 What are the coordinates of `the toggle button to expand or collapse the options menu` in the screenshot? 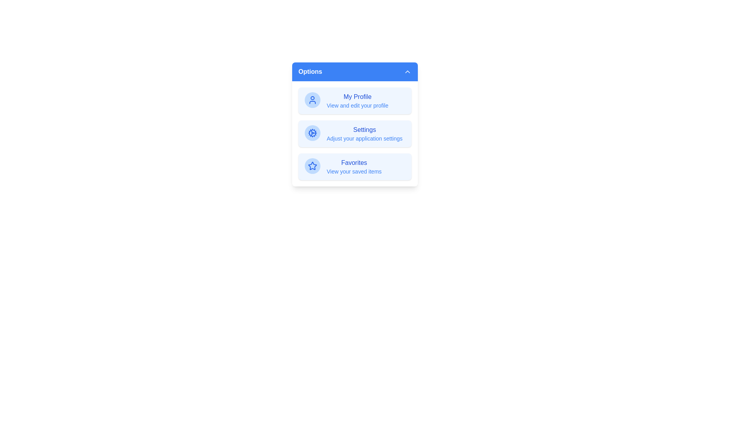 It's located at (354, 71).